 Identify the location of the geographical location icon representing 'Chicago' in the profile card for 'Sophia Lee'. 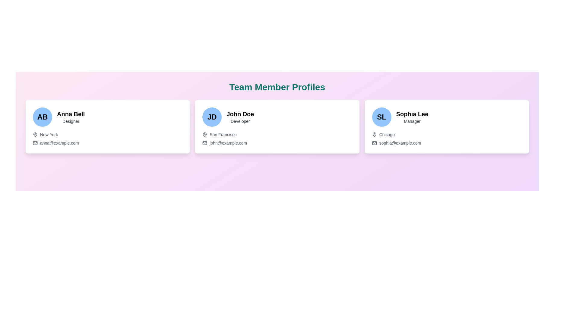
(374, 134).